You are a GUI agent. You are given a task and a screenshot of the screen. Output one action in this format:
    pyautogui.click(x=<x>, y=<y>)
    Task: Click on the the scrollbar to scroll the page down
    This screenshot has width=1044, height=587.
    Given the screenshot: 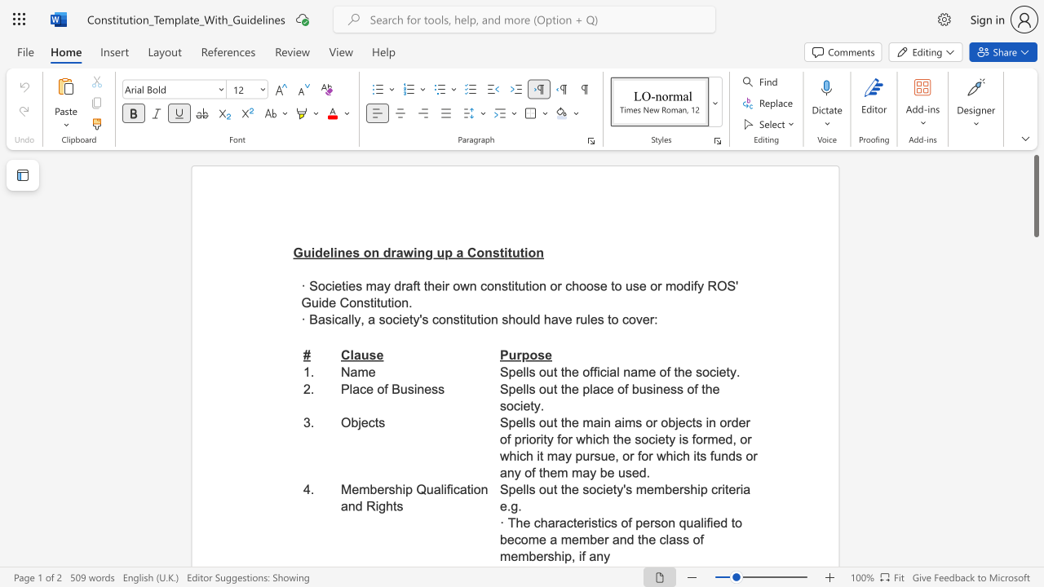 What is the action you would take?
    pyautogui.click(x=1035, y=341)
    